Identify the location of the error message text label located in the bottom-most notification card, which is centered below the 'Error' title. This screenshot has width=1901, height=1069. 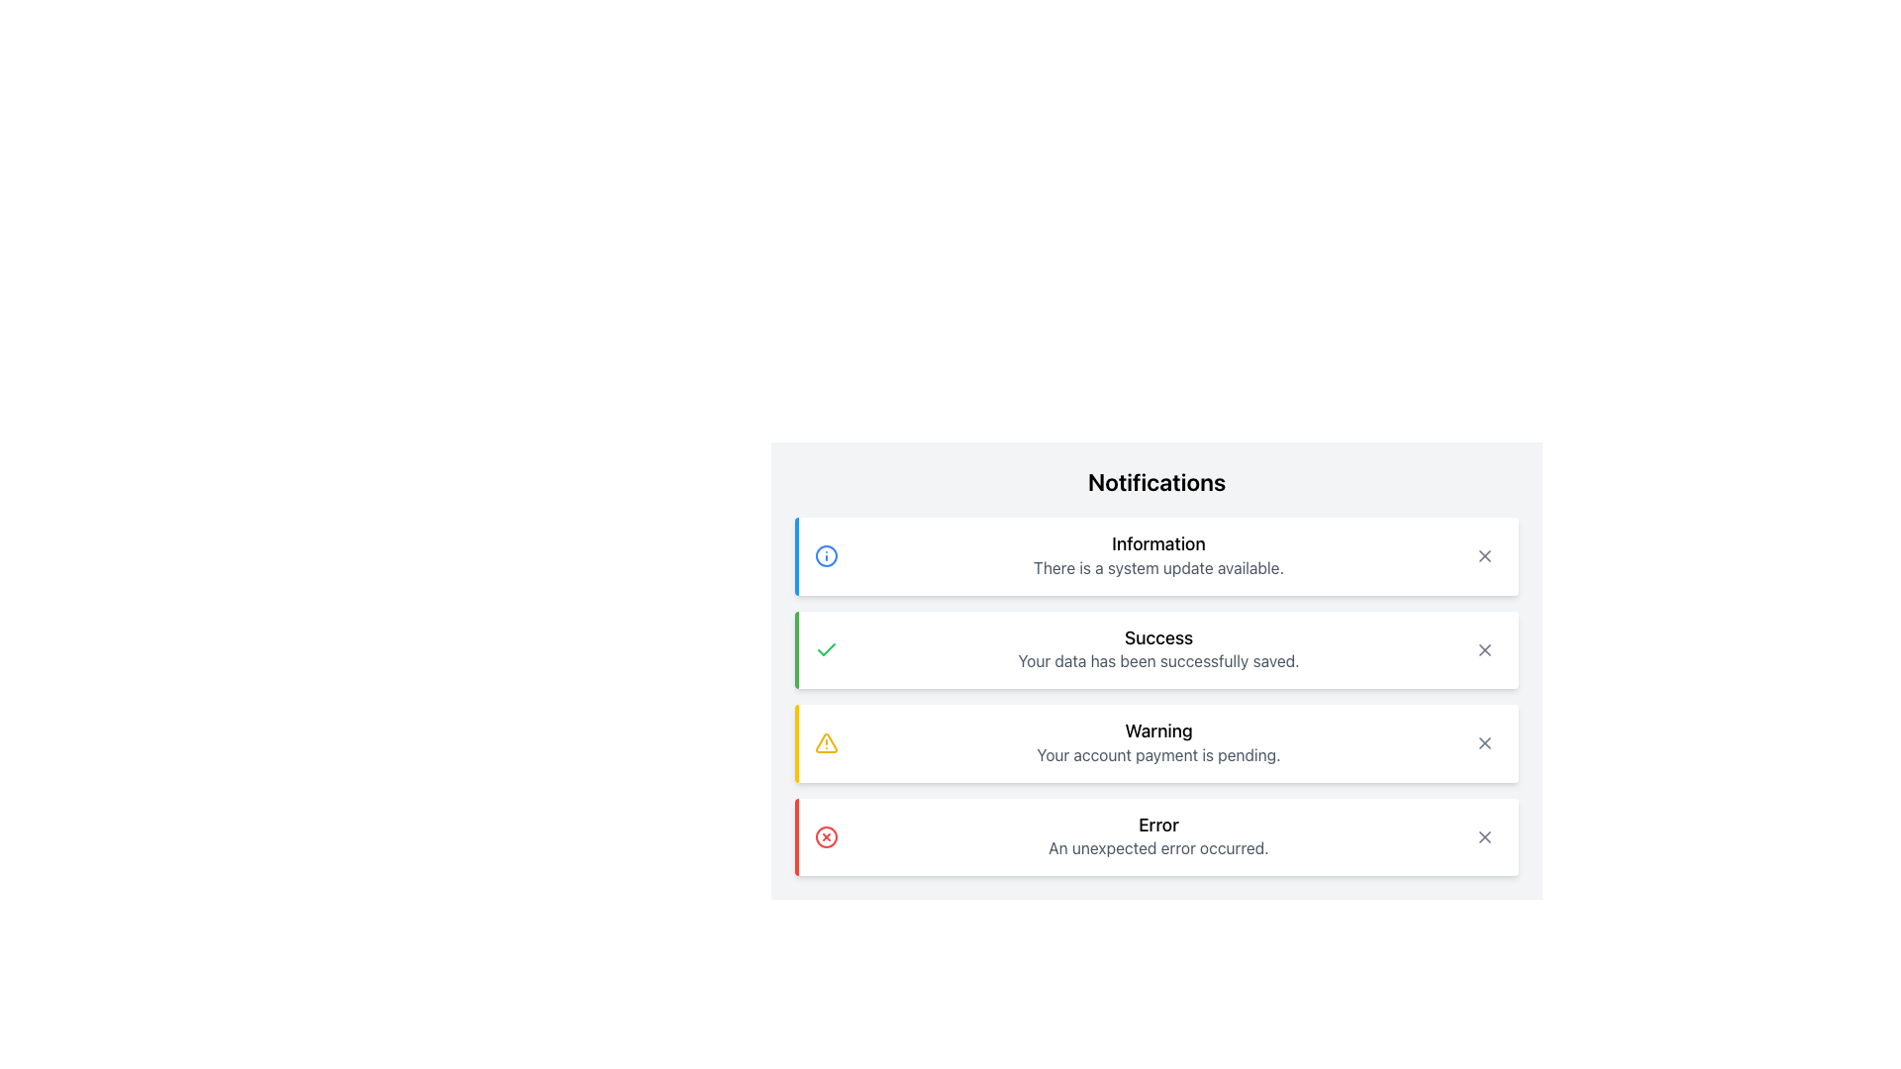
(1158, 846).